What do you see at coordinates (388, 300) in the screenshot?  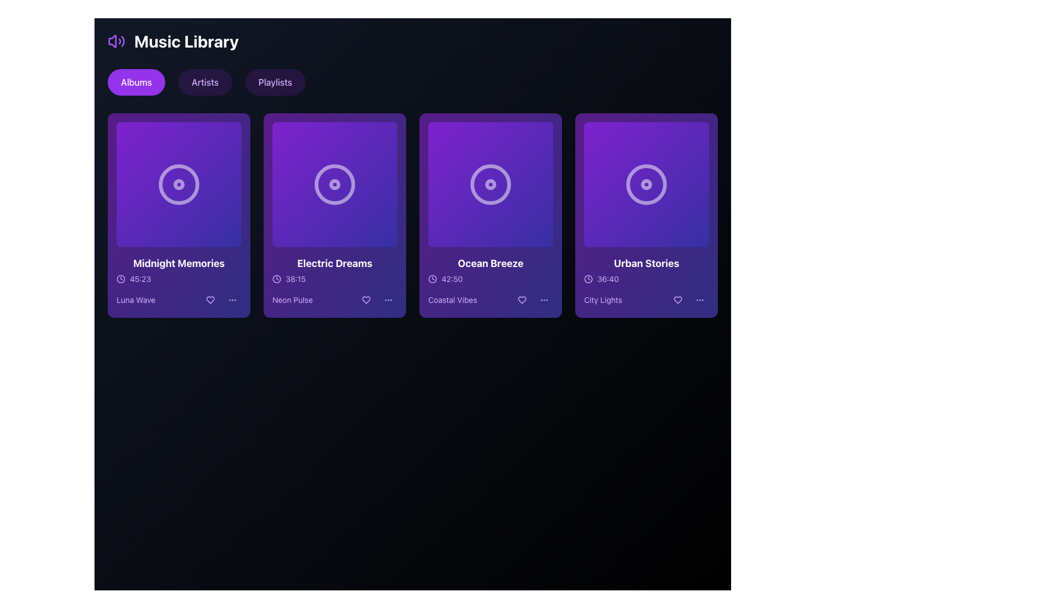 I see `the circular button icon located at the bottom-right corner of the 'Electric Dreams' album card` at bounding box center [388, 300].